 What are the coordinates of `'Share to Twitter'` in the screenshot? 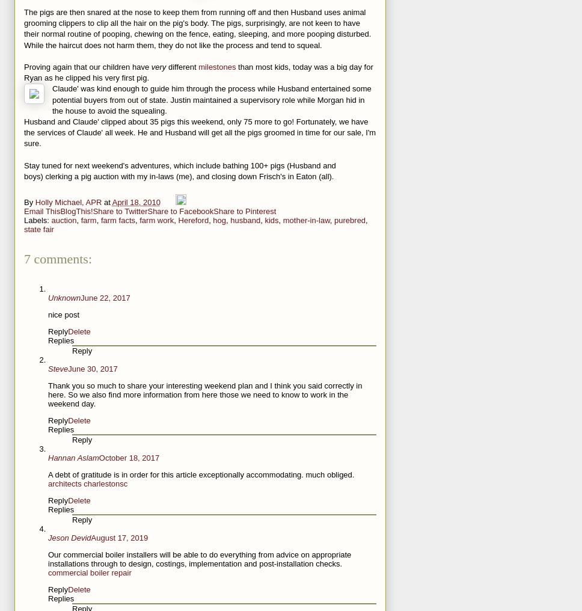 It's located at (120, 210).